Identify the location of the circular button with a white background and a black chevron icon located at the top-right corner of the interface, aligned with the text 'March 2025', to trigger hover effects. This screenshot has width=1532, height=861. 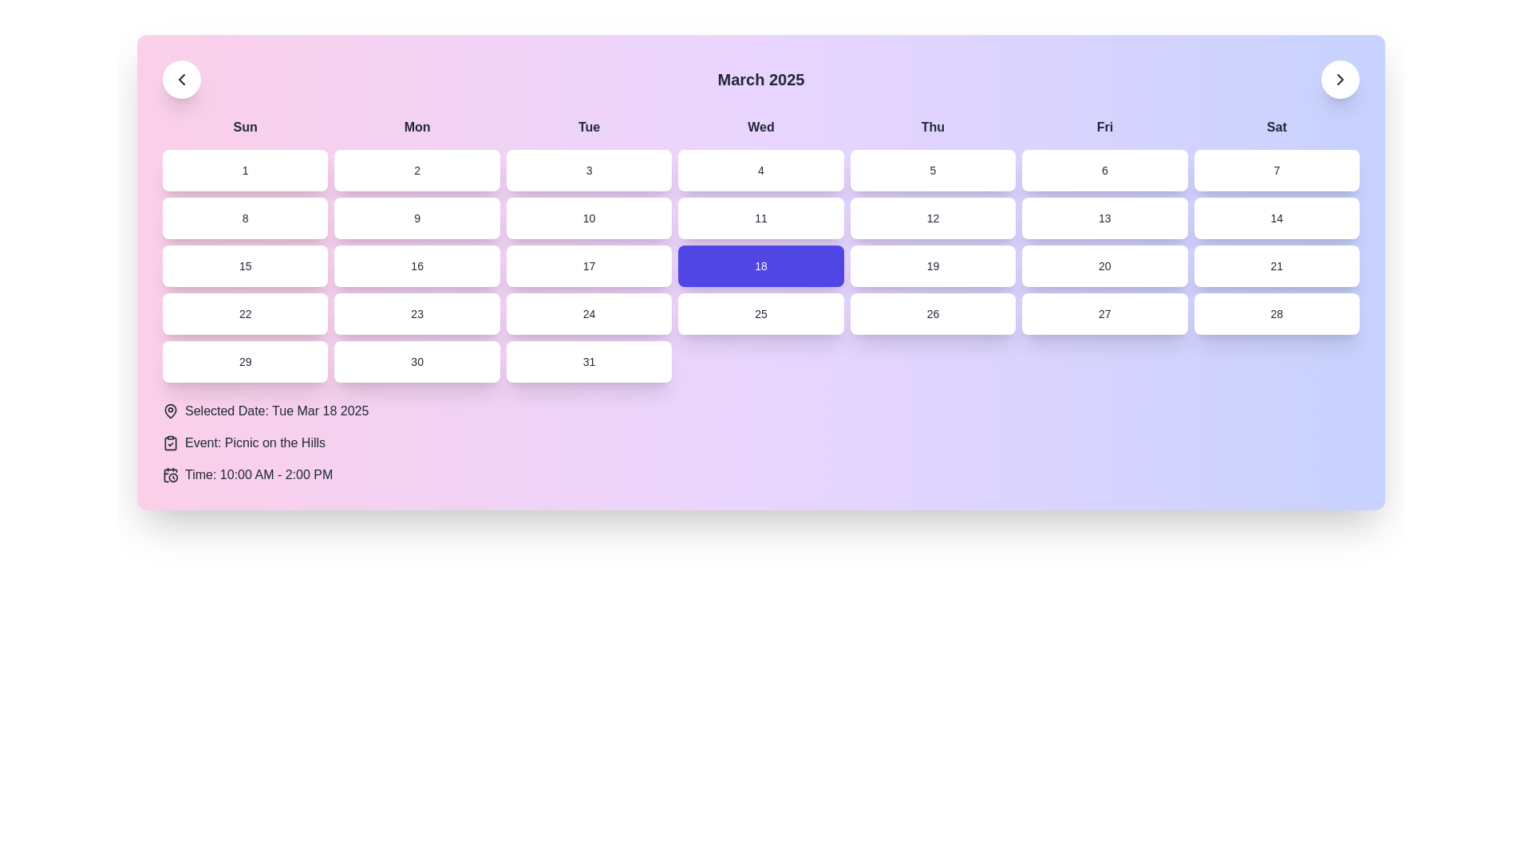
(1340, 80).